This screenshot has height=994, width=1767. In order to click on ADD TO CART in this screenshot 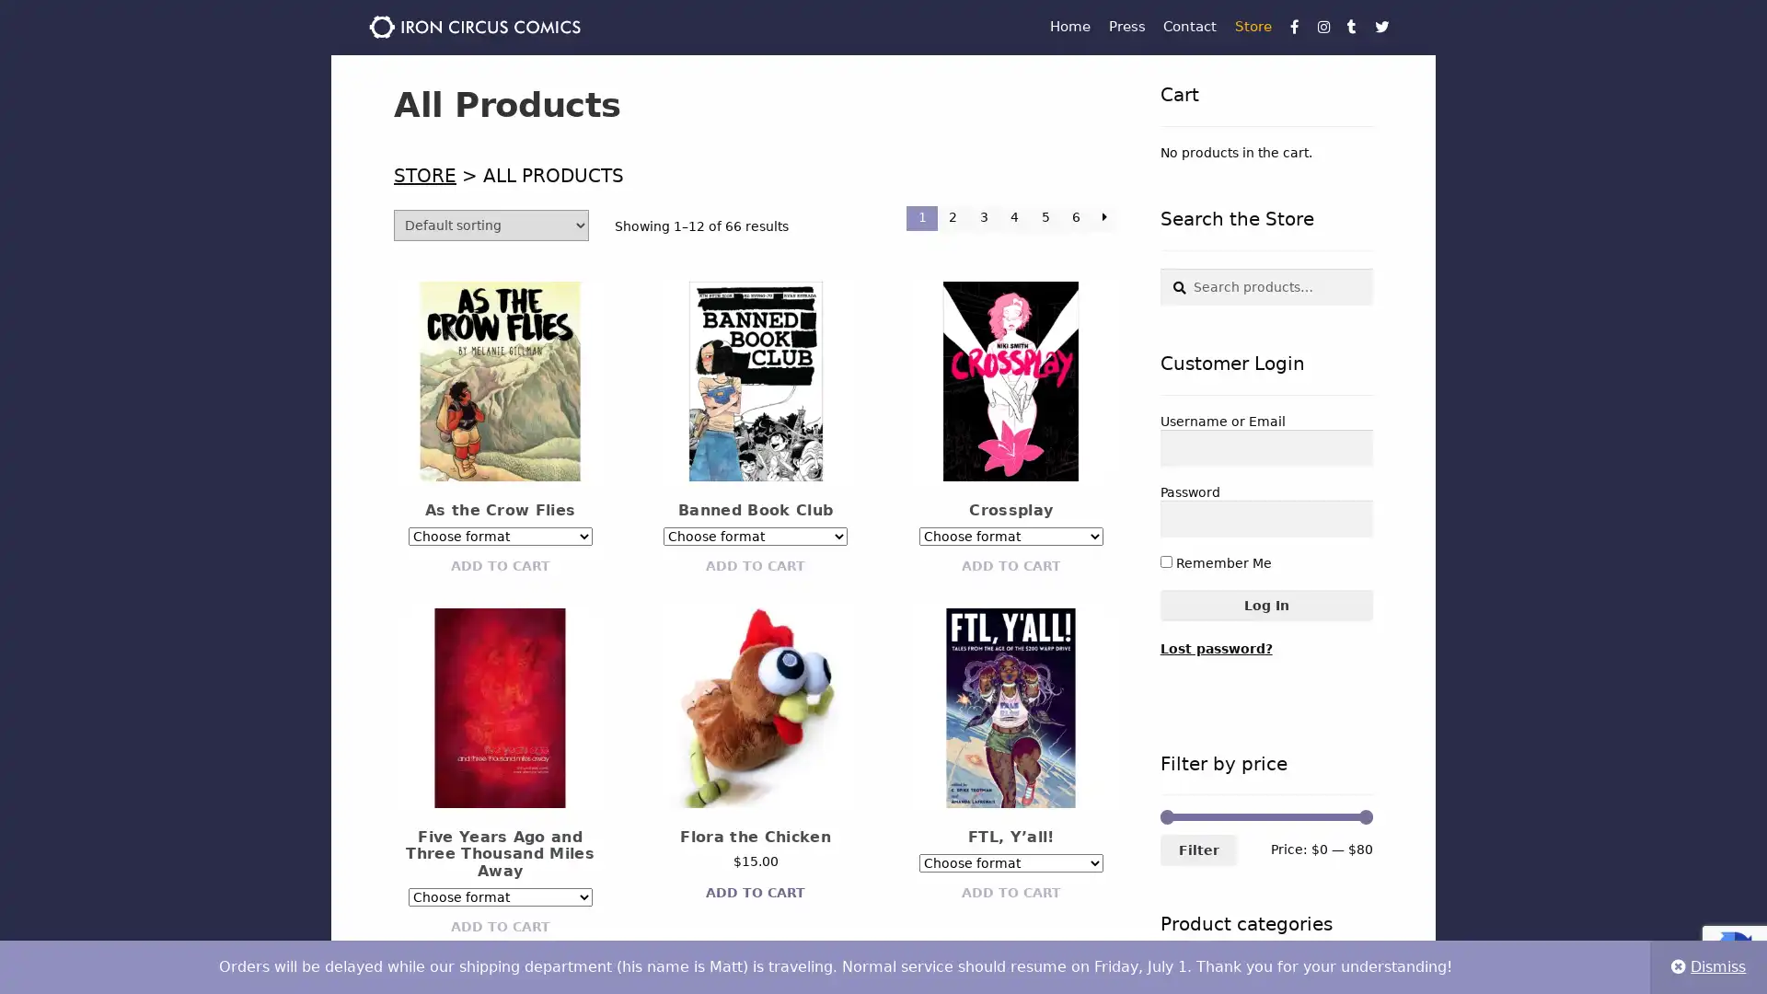, I will do `click(1010, 891)`.